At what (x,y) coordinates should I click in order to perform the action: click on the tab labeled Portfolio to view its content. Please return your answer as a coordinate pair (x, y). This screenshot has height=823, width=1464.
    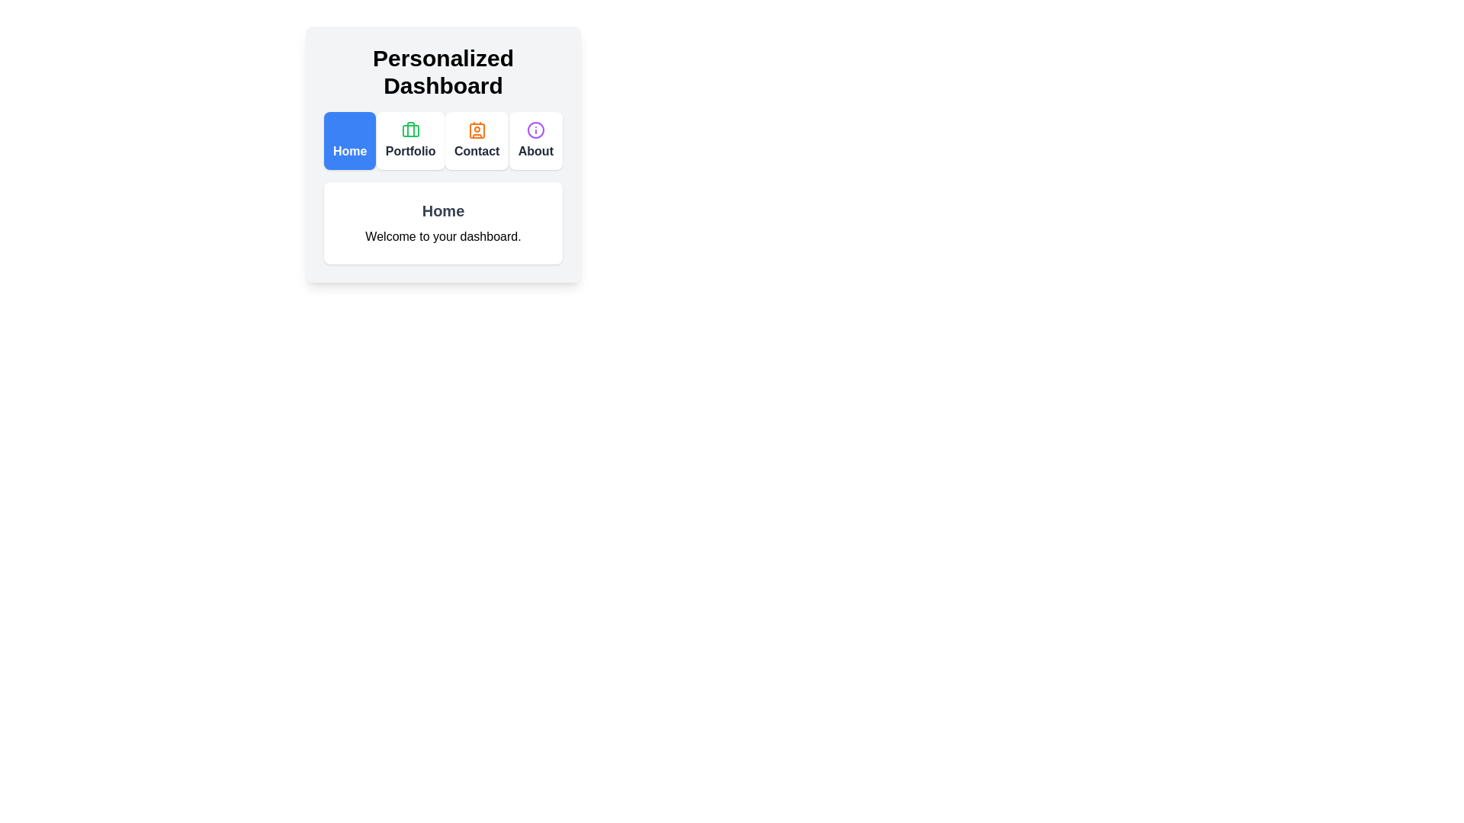
    Looking at the image, I should click on (409, 141).